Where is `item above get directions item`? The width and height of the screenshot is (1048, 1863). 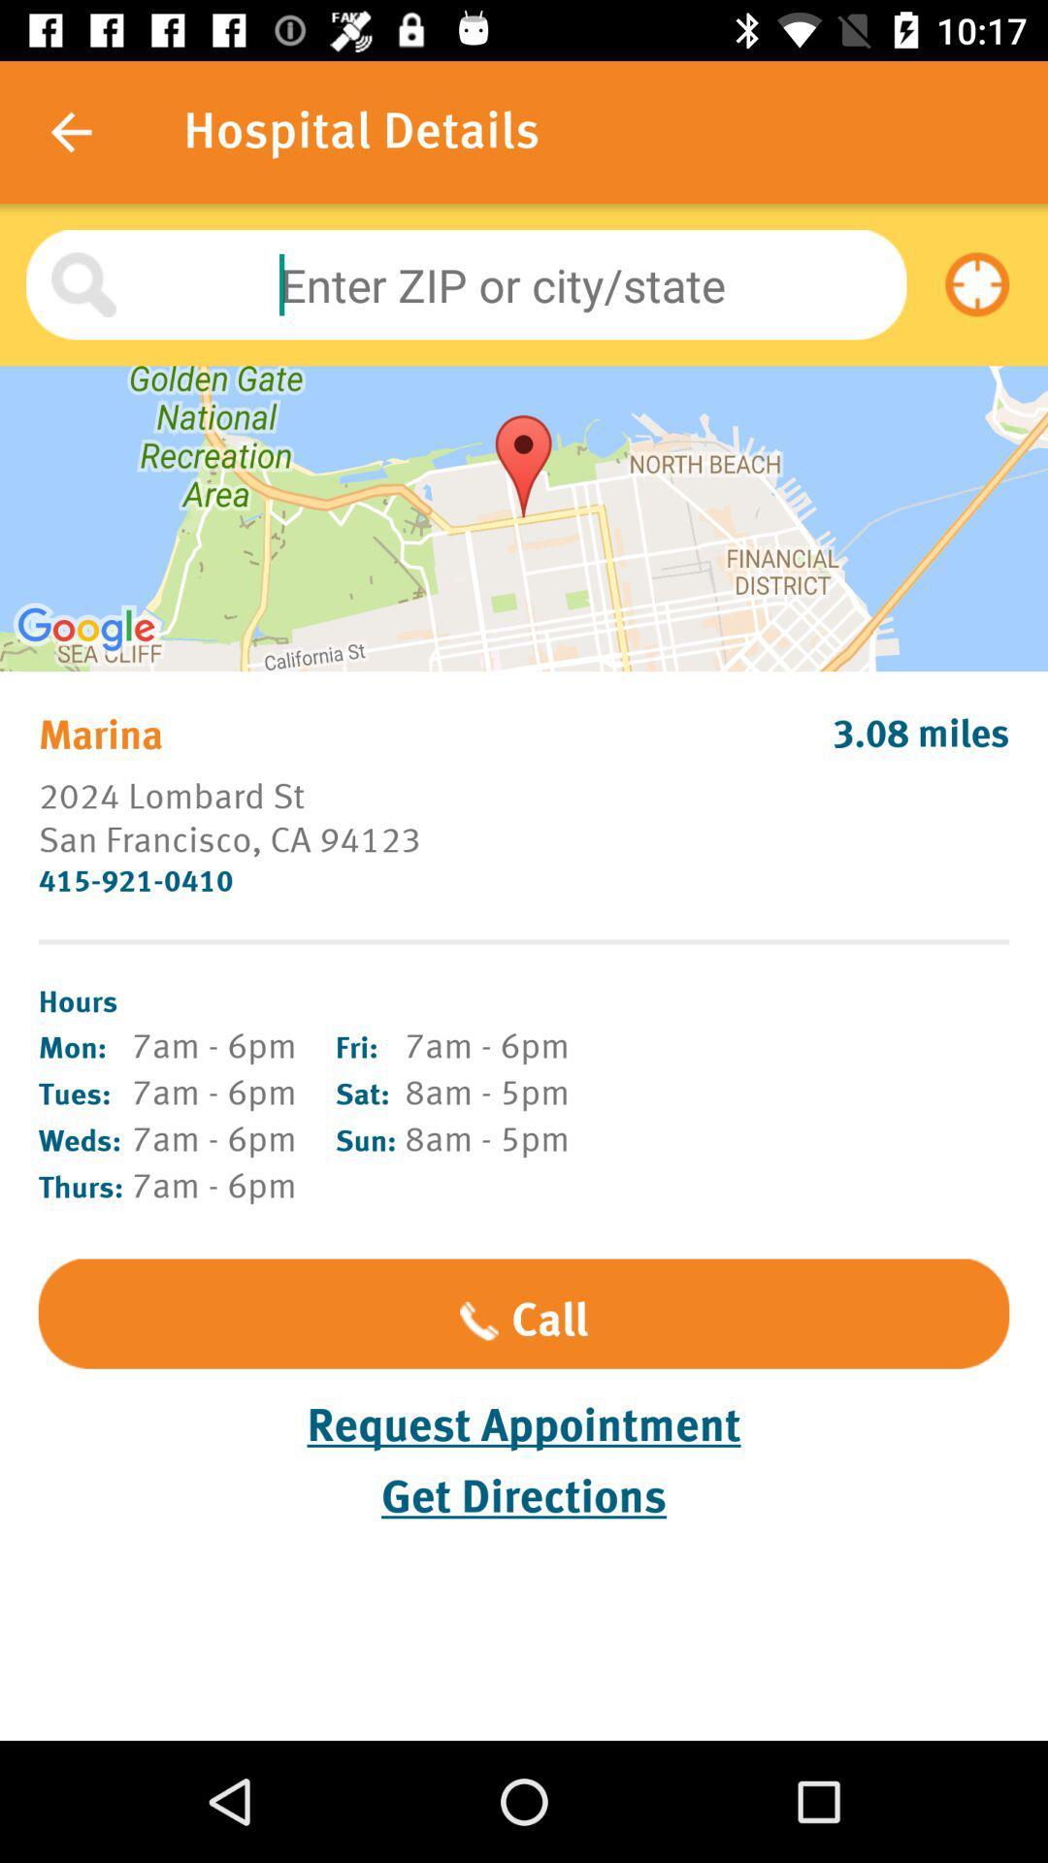
item above get directions item is located at coordinates (524, 1425).